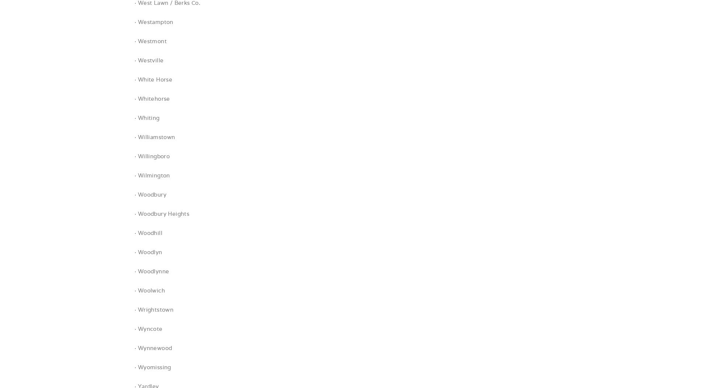 This screenshot has width=701, height=388. What do you see at coordinates (134, 367) in the screenshot?
I see `'· Wyomissing'` at bounding box center [134, 367].